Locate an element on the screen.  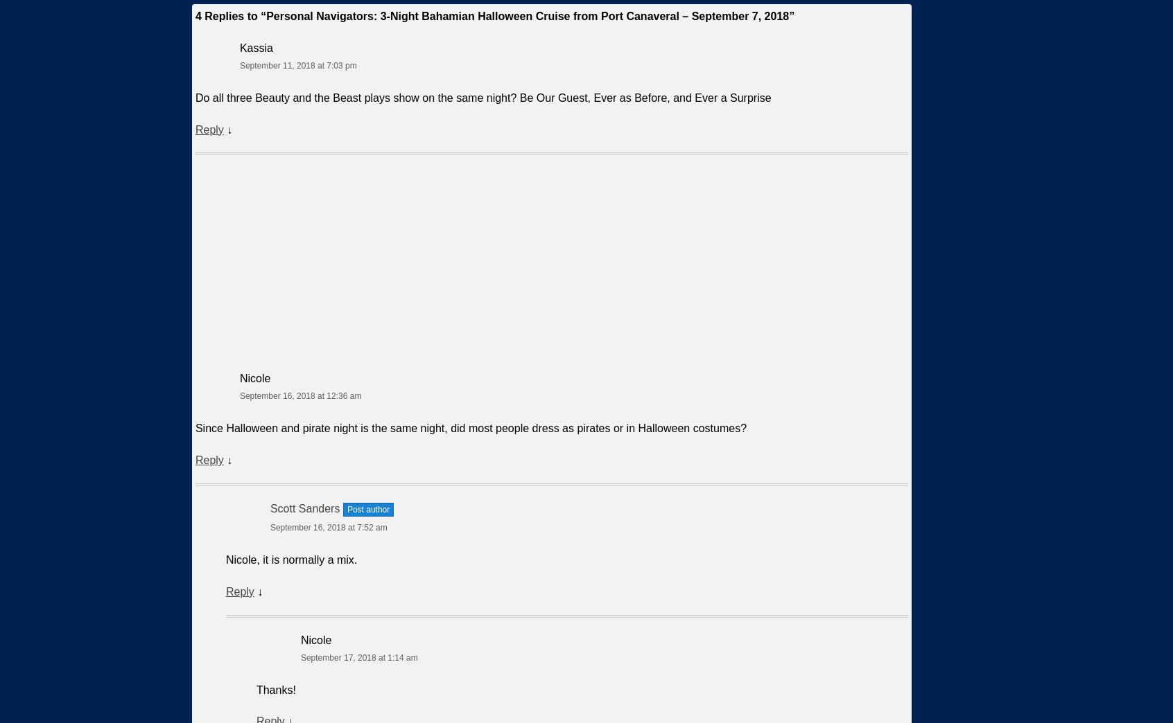
'September 17, 2018 at 1:14 am' is located at coordinates (358, 656).